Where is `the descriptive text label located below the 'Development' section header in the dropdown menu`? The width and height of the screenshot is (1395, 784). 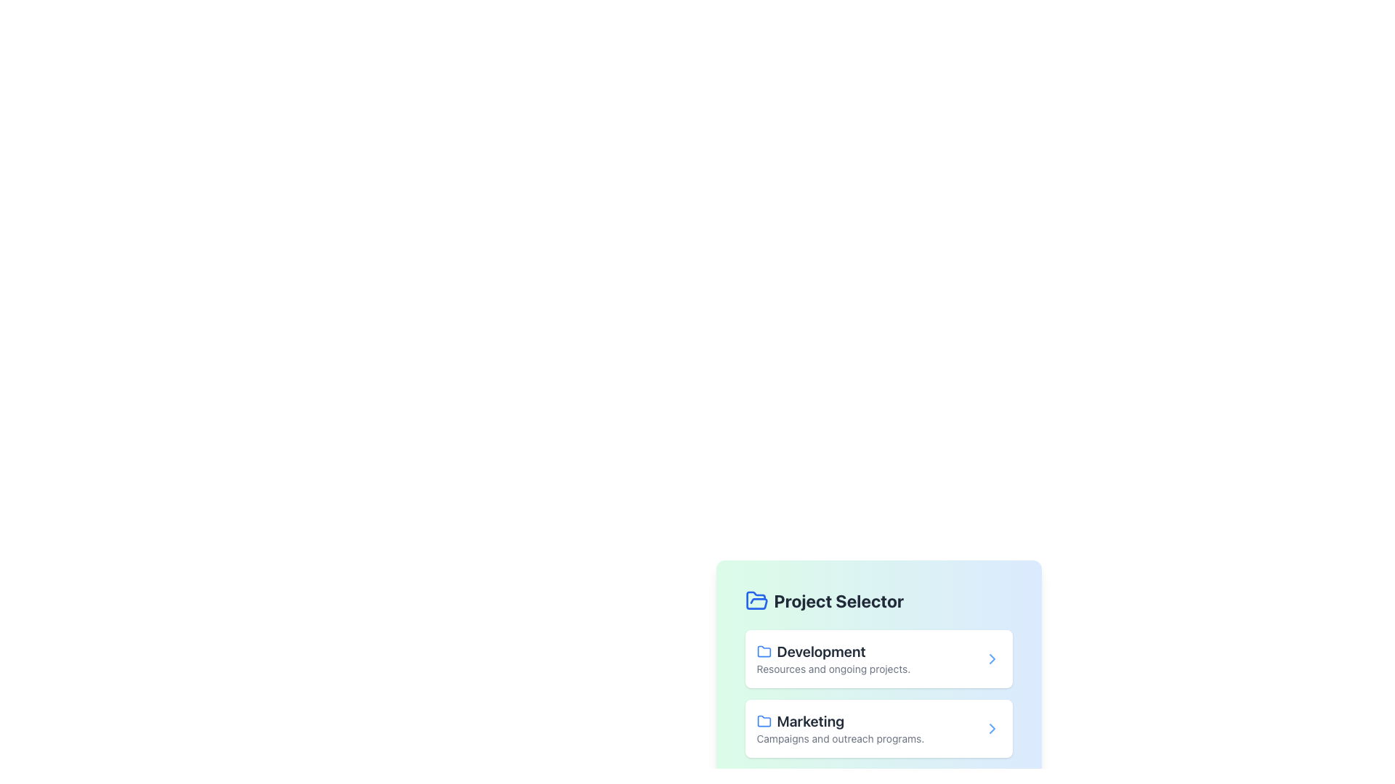
the descriptive text label located below the 'Development' section header in the dropdown menu is located at coordinates (833, 669).